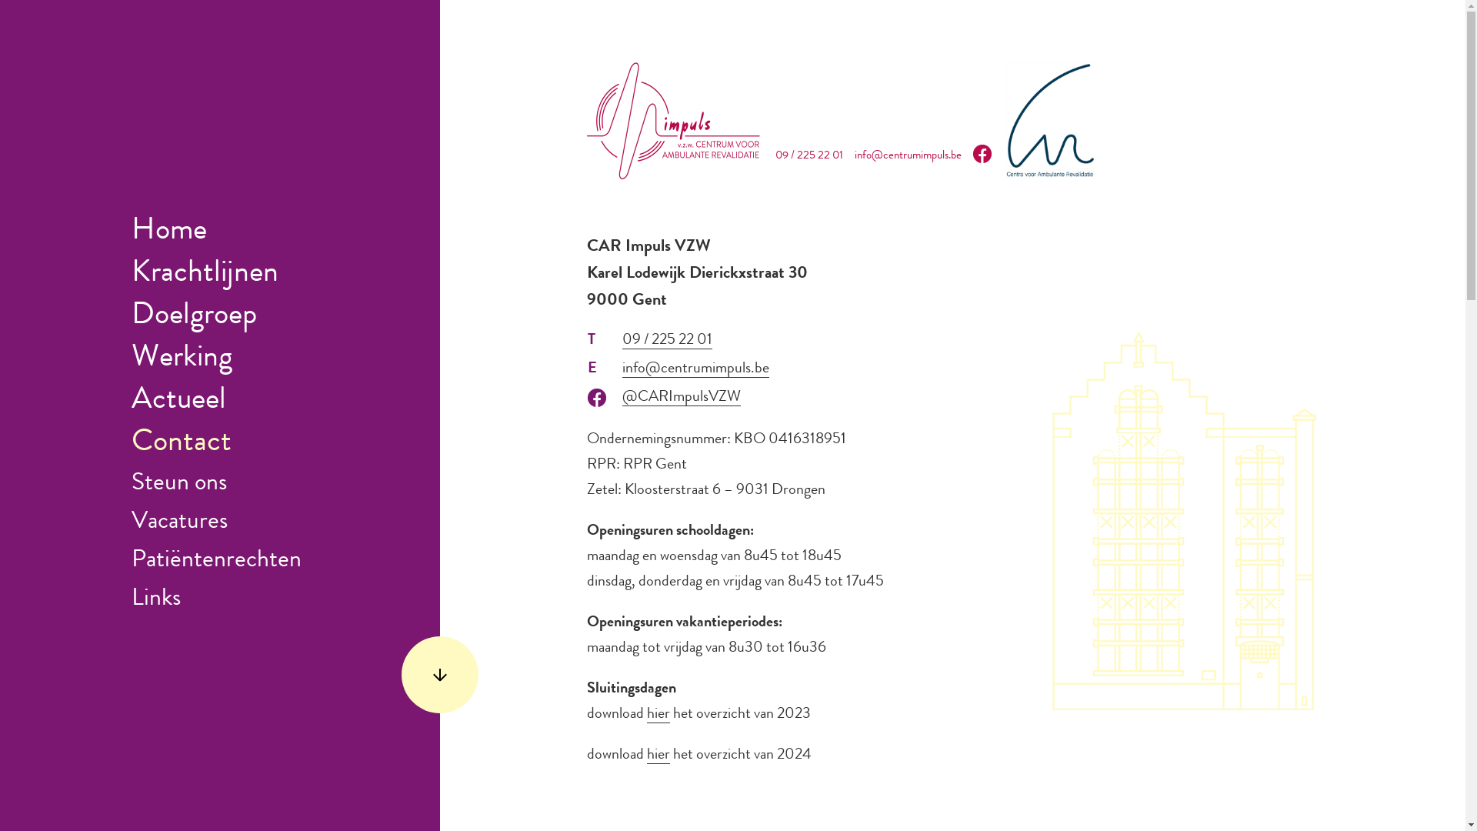 The height and width of the screenshot is (831, 1477). Describe the element at coordinates (646, 715) in the screenshot. I see `'hier'` at that location.